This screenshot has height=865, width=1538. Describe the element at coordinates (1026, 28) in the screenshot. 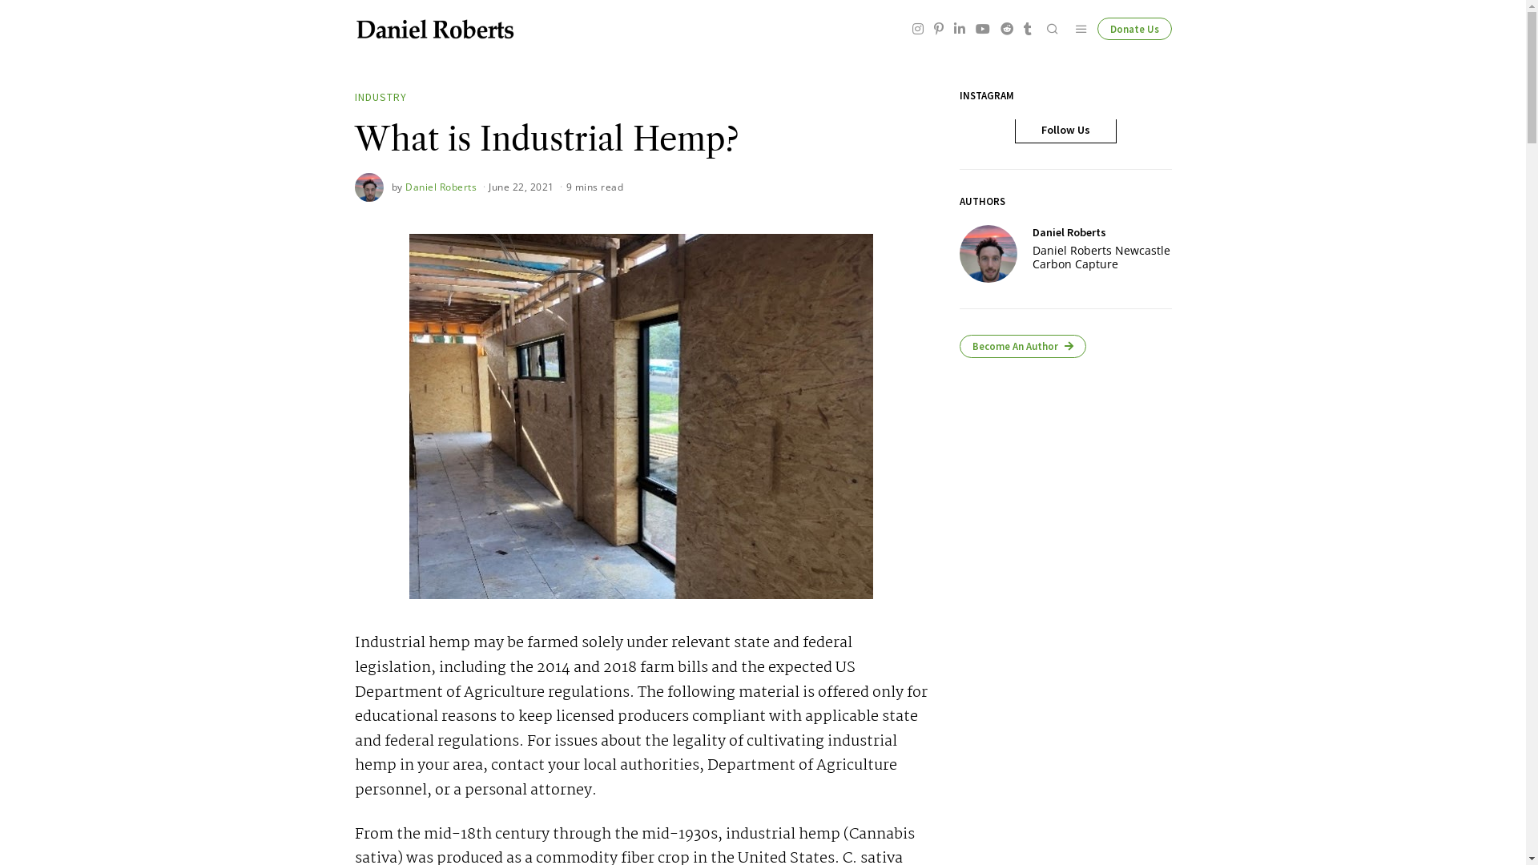

I see `'Tumblr'` at that location.